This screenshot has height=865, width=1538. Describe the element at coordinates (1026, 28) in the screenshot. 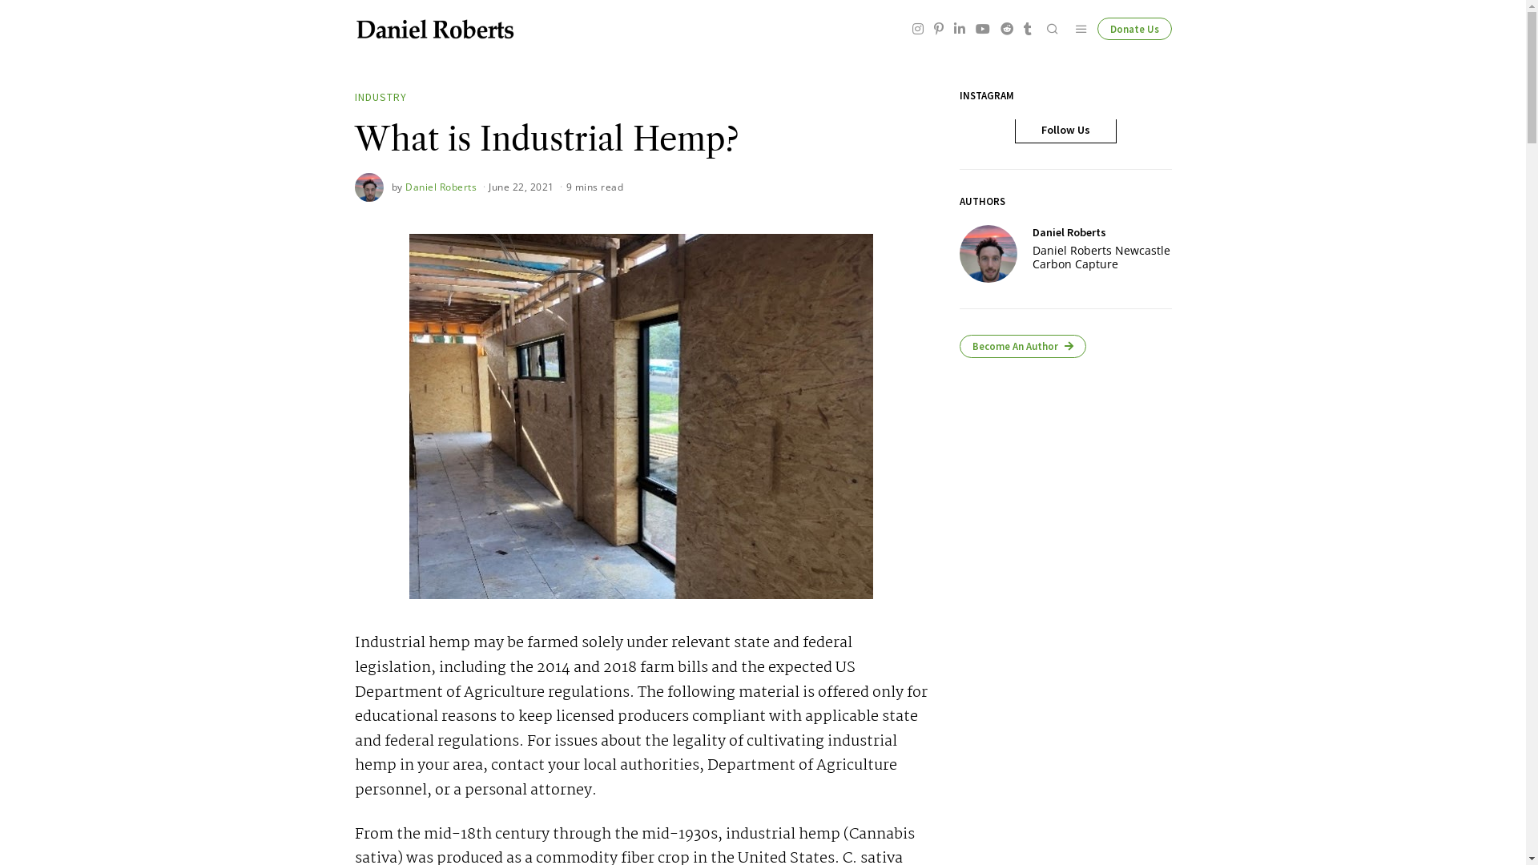

I see `'Tumblr'` at that location.